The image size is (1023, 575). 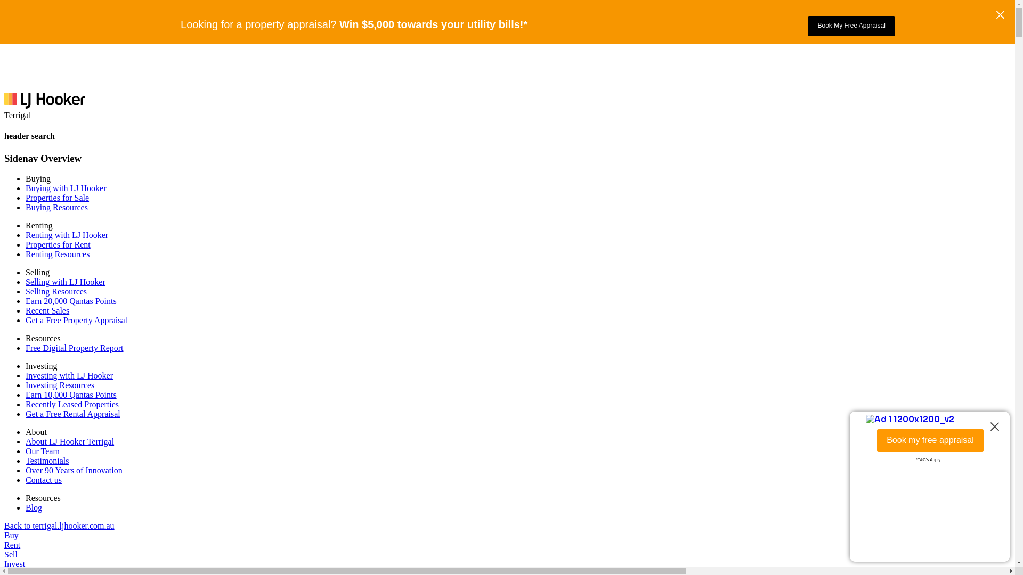 I want to click on 'Renting Resources', so click(x=26, y=254).